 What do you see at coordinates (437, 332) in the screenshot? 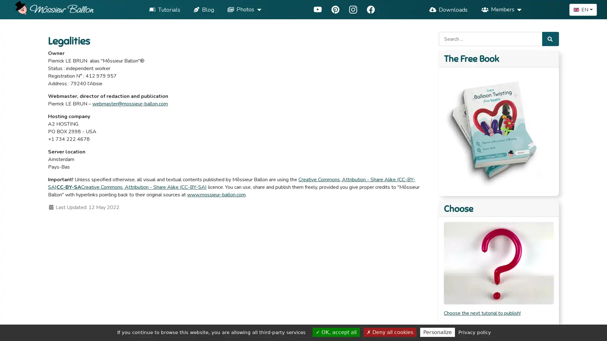
I see `Personalize (modal window)` at bounding box center [437, 332].